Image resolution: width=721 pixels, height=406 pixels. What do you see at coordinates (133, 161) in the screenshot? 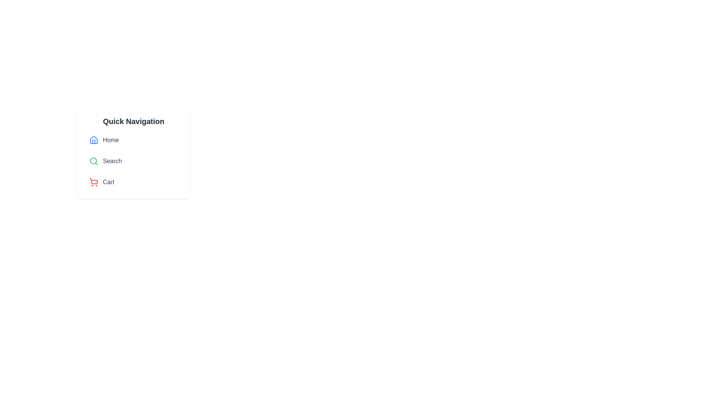
I see `the 'Search' section of the vertical navigation menu located in the sidebar titled 'Quick Navigation'` at bounding box center [133, 161].